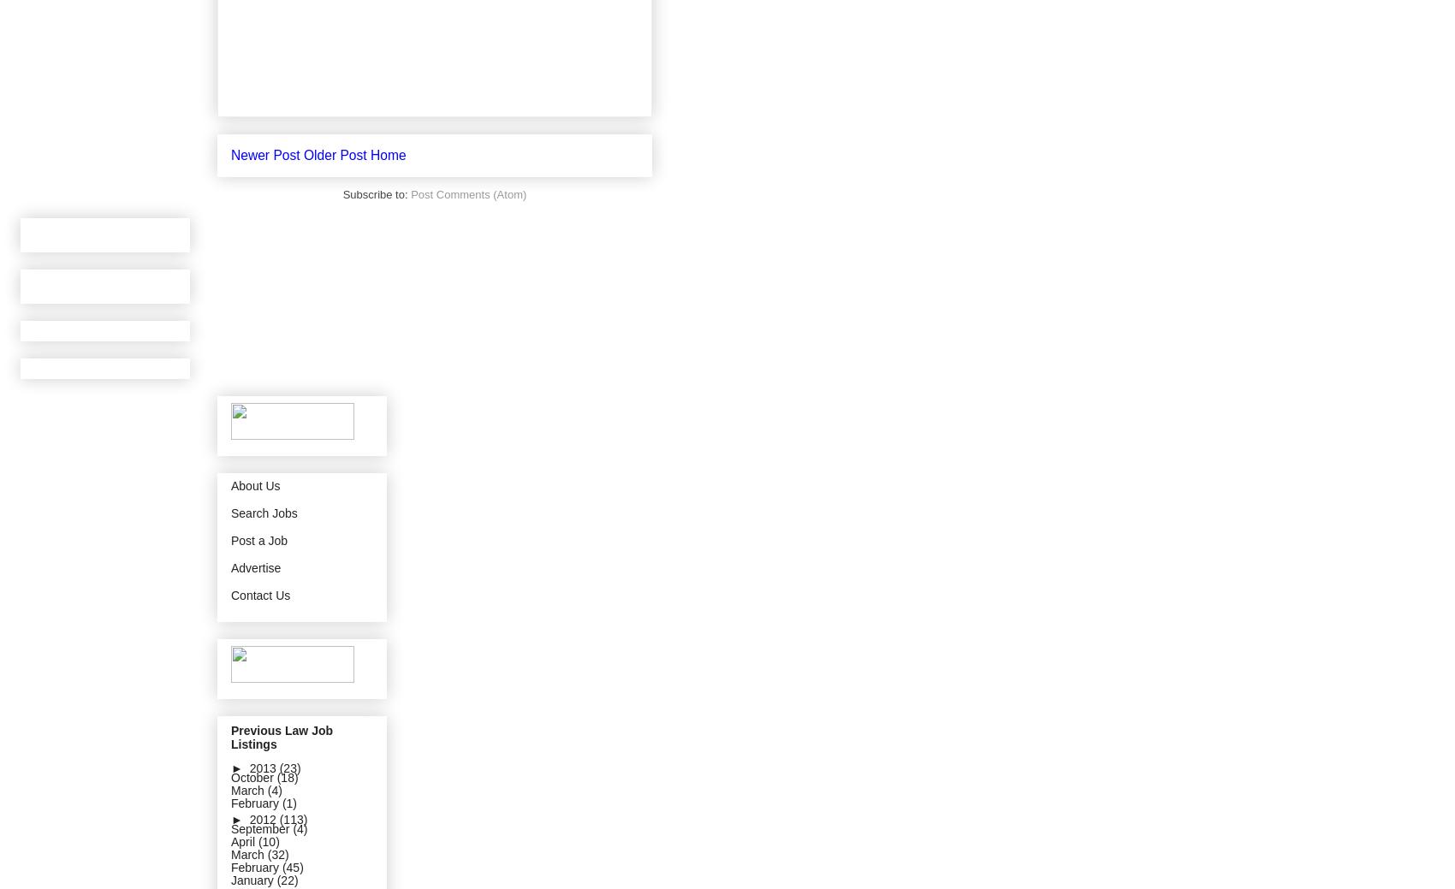 This screenshot has height=889, width=1455. I want to click on 'Home', so click(388, 154).